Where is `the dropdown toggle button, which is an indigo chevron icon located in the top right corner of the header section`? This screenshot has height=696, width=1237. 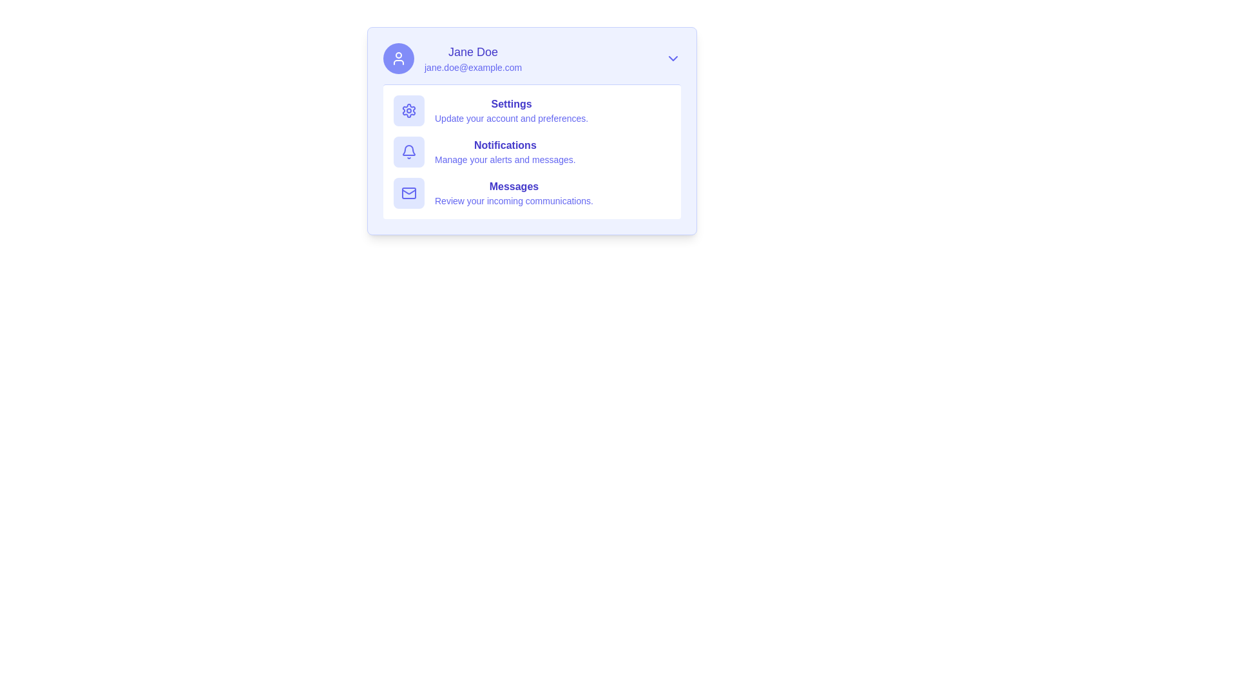 the dropdown toggle button, which is an indigo chevron icon located in the top right corner of the header section is located at coordinates (673, 59).